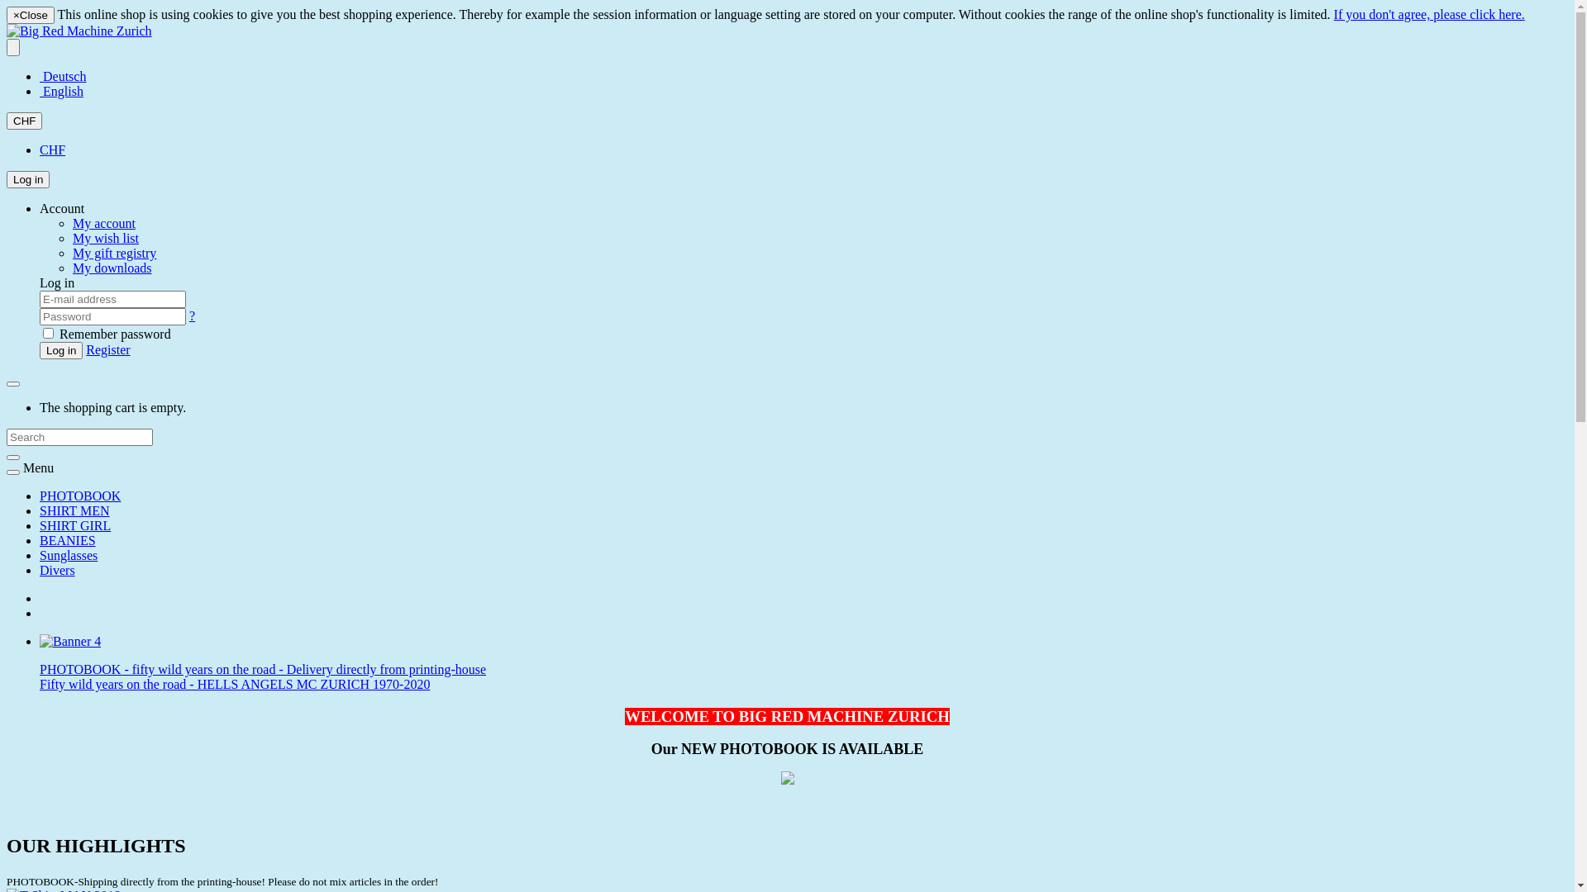 The width and height of the screenshot is (1587, 892). Describe the element at coordinates (111, 267) in the screenshot. I see `'My downloads'` at that location.